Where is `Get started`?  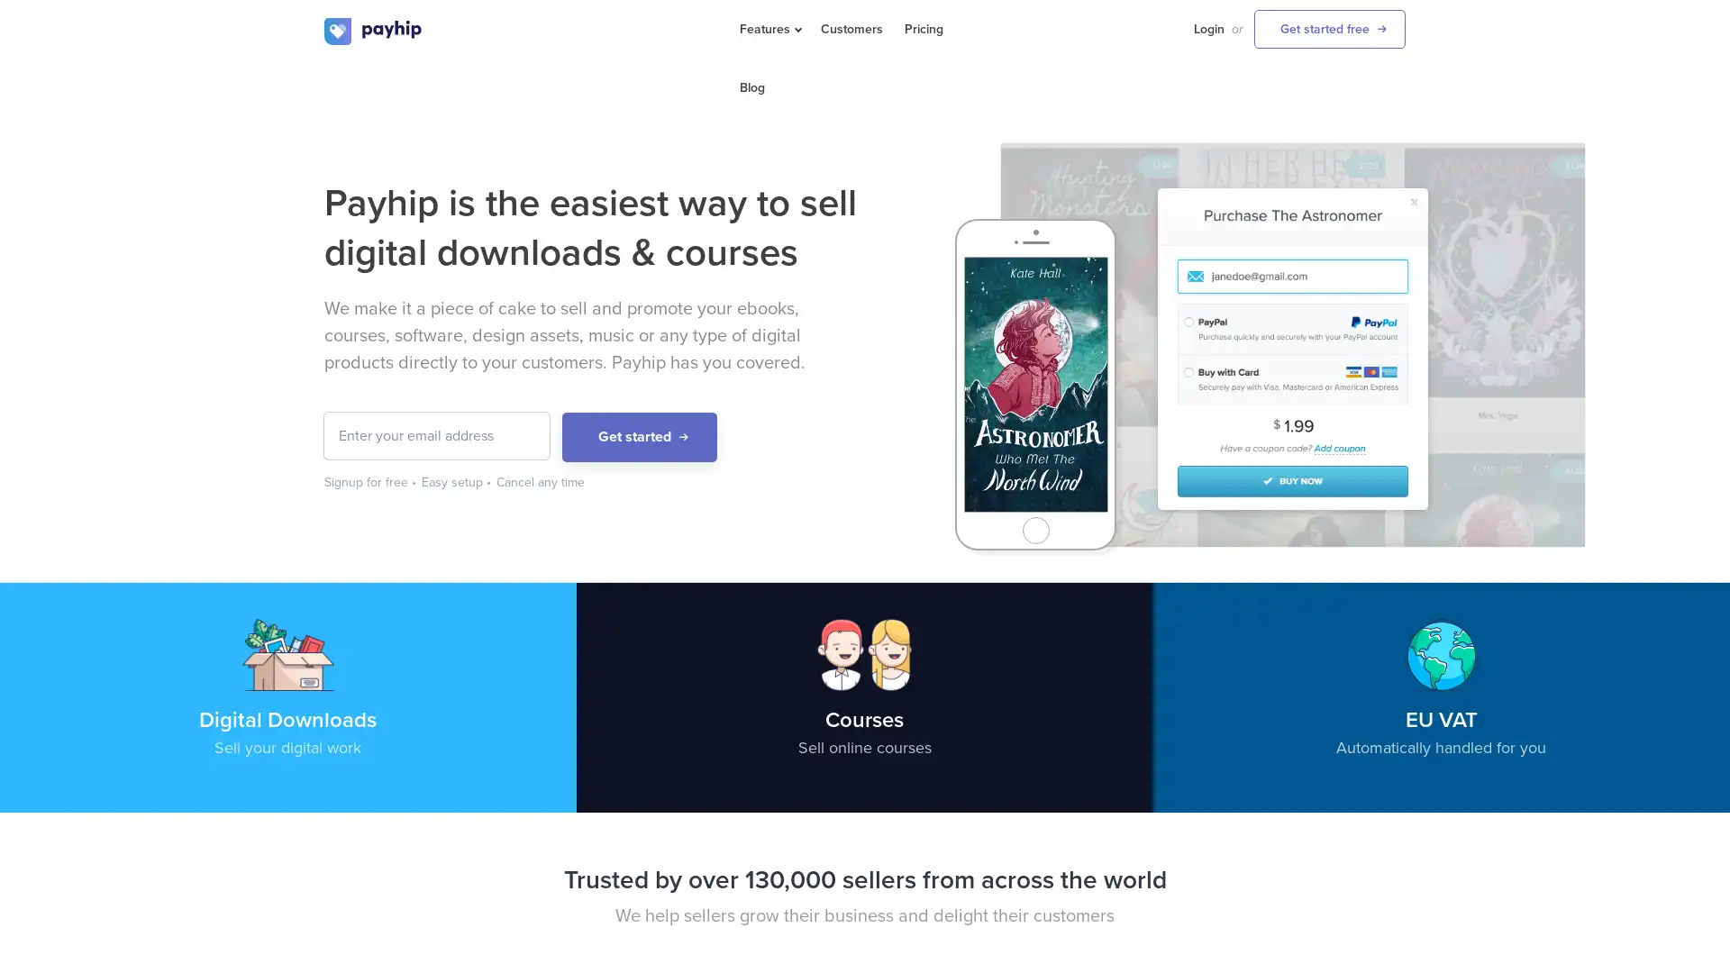
Get started is located at coordinates (640, 437).